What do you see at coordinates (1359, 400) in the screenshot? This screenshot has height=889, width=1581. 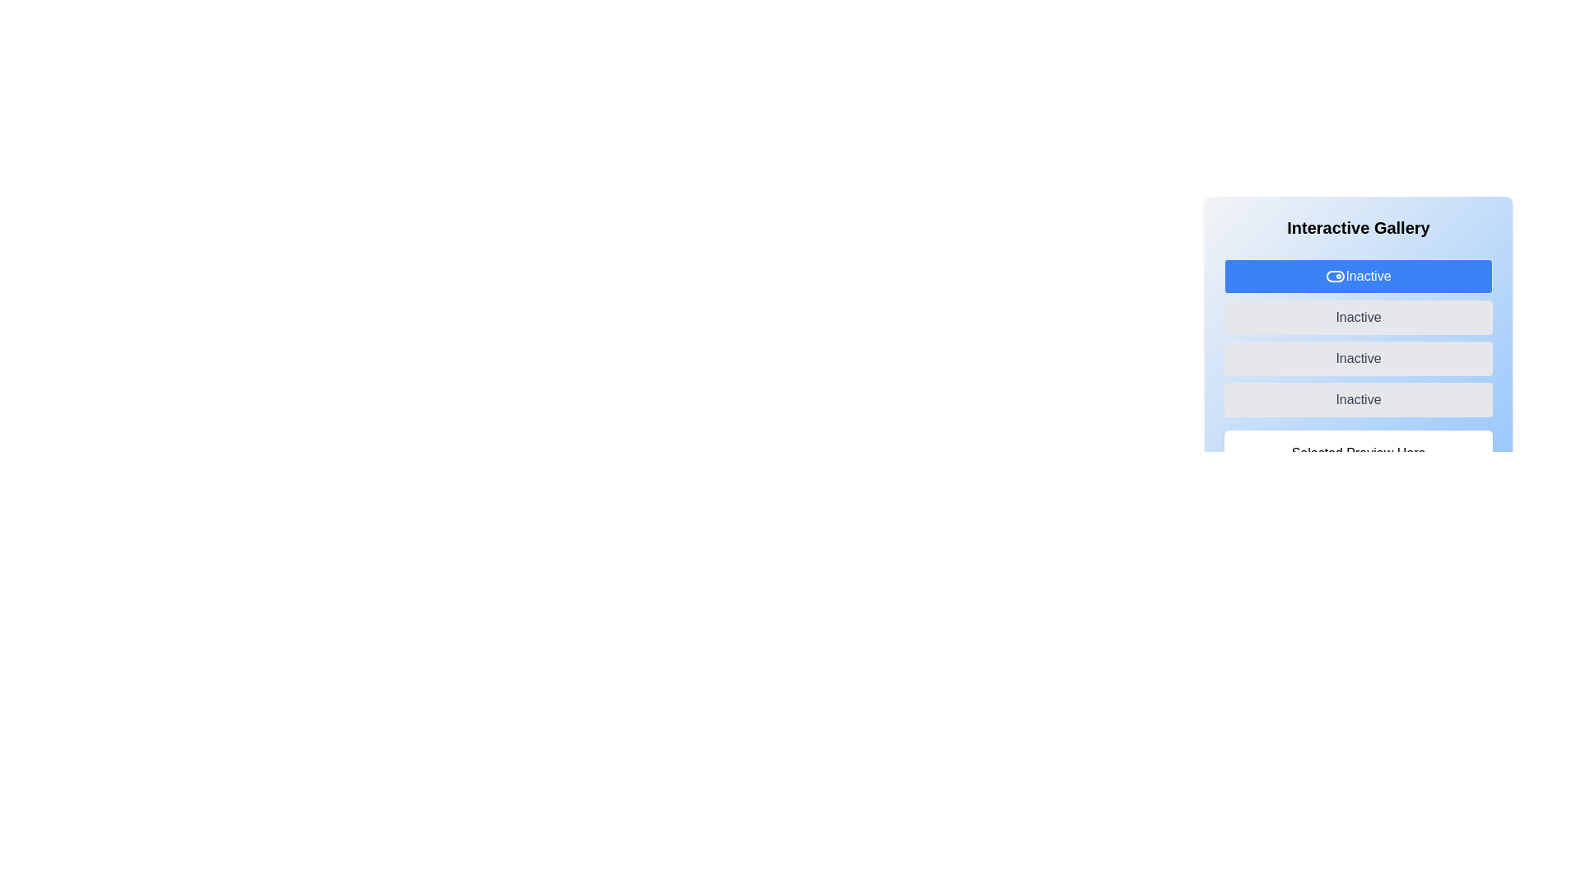 I see `the button corresponding to 3 to activate it and update the preview` at bounding box center [1359, 400].